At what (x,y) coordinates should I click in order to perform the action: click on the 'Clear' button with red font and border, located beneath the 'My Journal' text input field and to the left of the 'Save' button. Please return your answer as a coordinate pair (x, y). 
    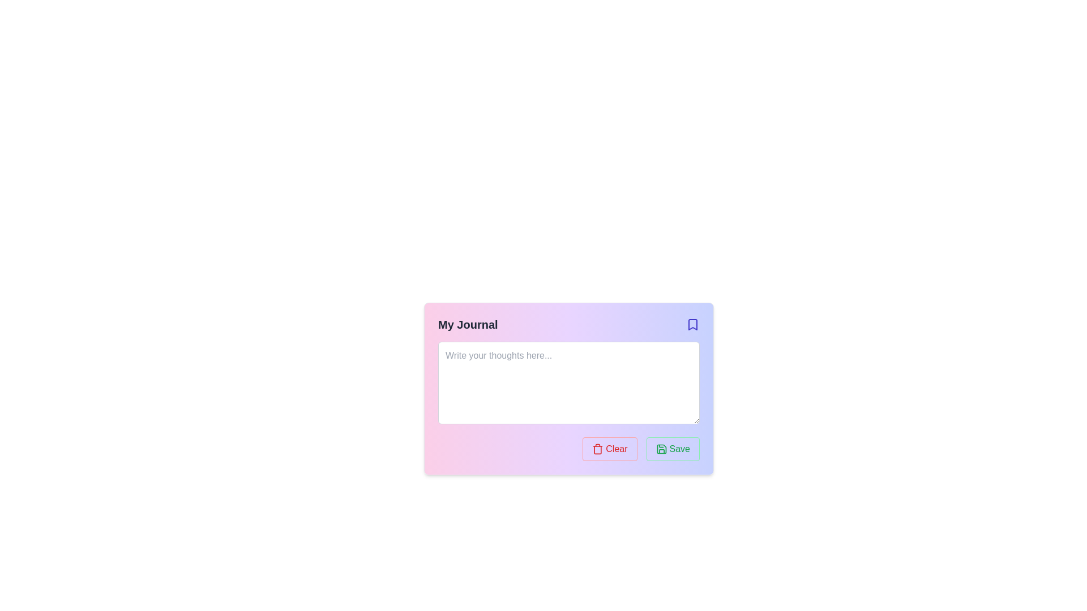
    Looking at the image, I should click on (616, 449).